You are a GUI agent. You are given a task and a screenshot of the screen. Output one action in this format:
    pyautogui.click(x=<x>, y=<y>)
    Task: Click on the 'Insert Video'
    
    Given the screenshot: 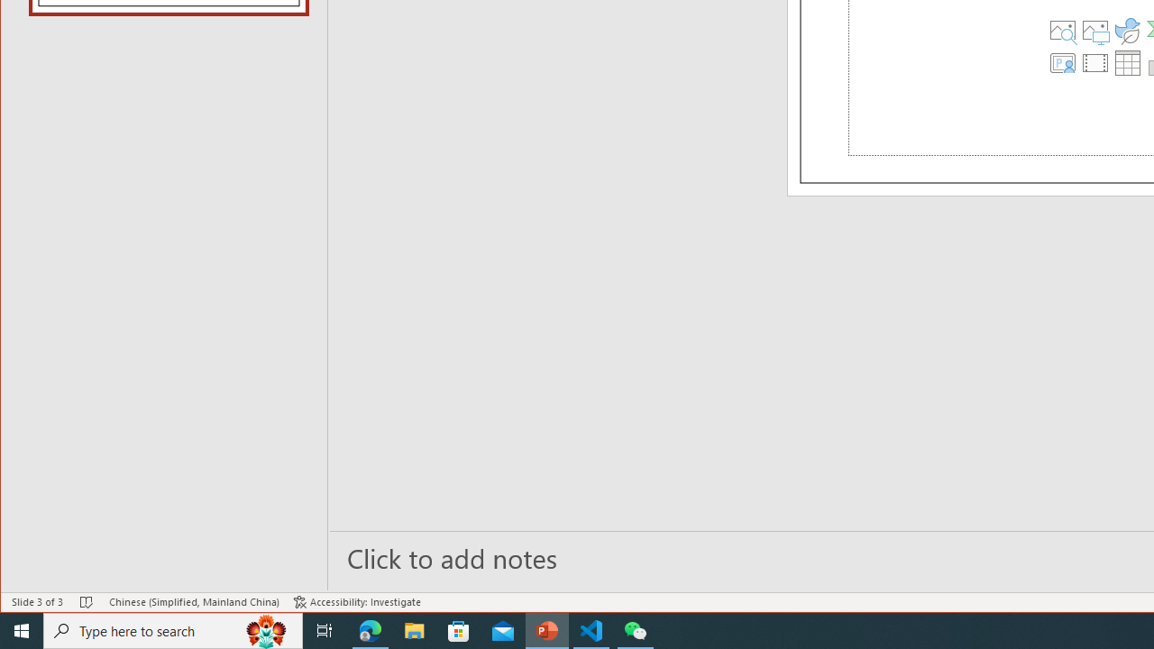 What is the action you would take?
    pyautogui.click(x=1094, y=61)
    